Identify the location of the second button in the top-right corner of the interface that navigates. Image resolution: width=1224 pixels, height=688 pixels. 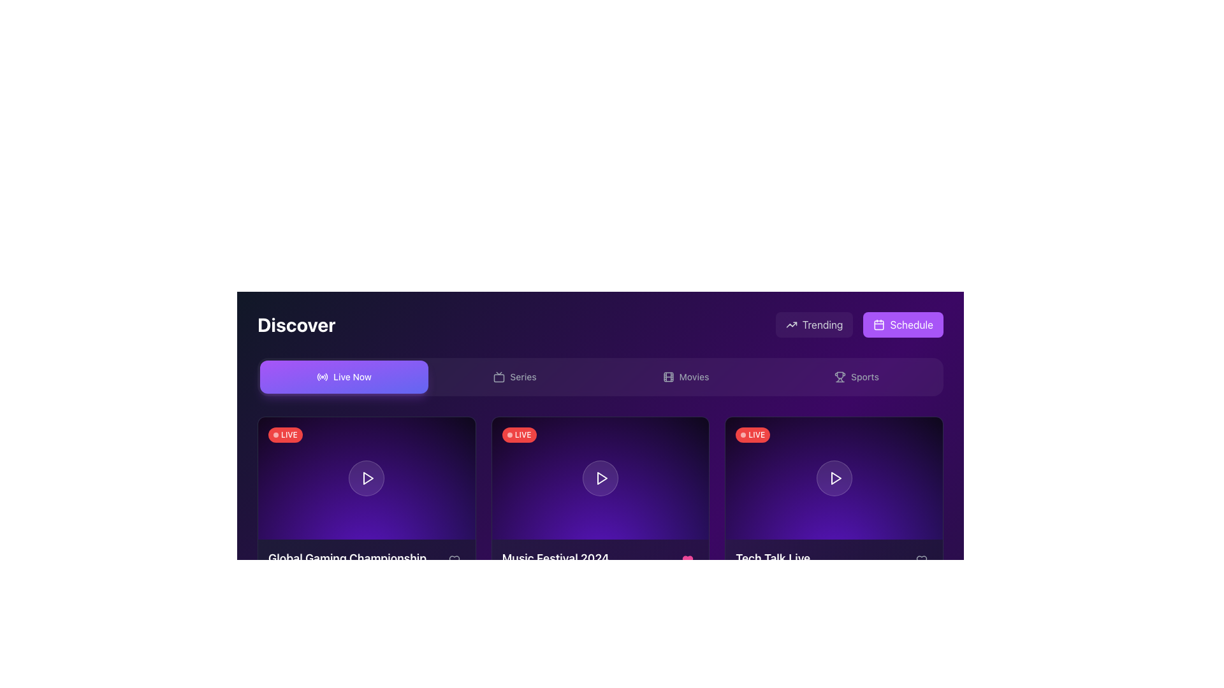
(902, 324).